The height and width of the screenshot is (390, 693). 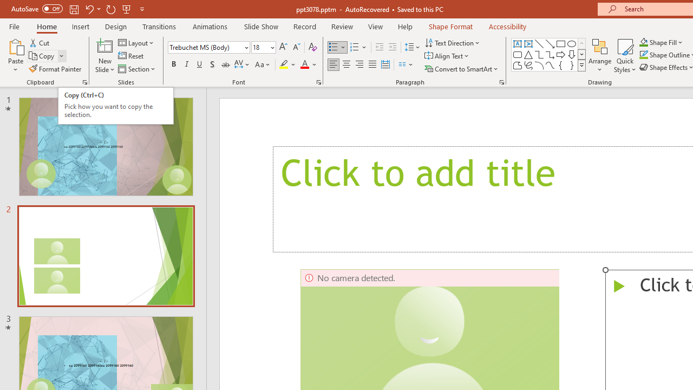 I want to click on 'Shape Outline Green, Accent 1', so click(x=644, y=55).